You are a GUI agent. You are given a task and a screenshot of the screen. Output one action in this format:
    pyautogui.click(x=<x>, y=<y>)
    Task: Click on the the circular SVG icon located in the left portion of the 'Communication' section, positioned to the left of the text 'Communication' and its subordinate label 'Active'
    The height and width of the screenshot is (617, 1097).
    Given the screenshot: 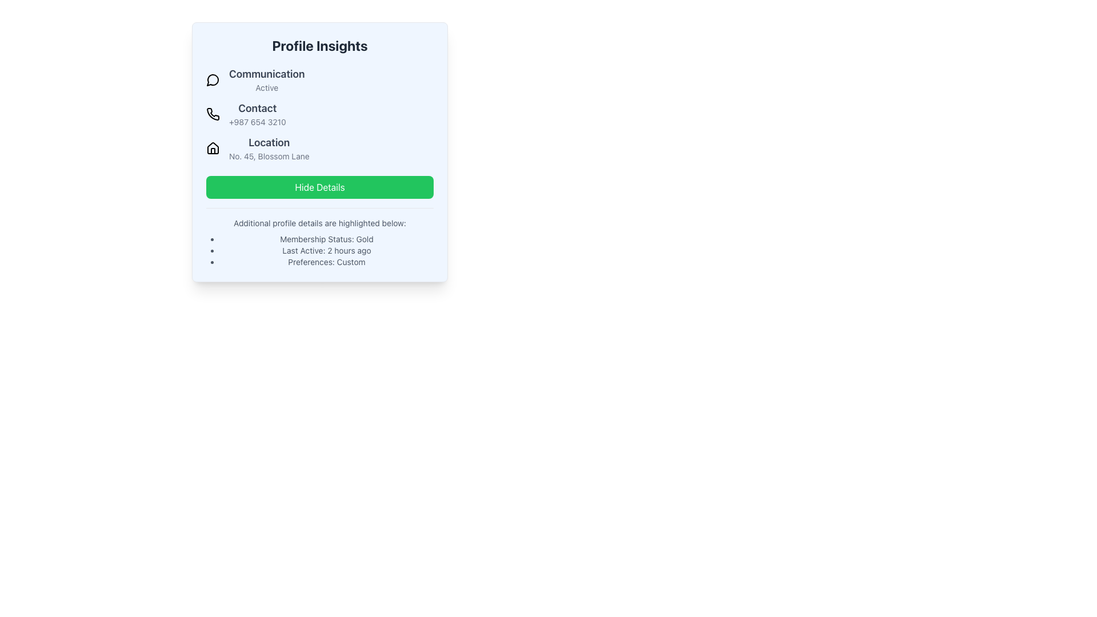 What is the action you would take?
    pyautogui.click(x=213, y=79)
    